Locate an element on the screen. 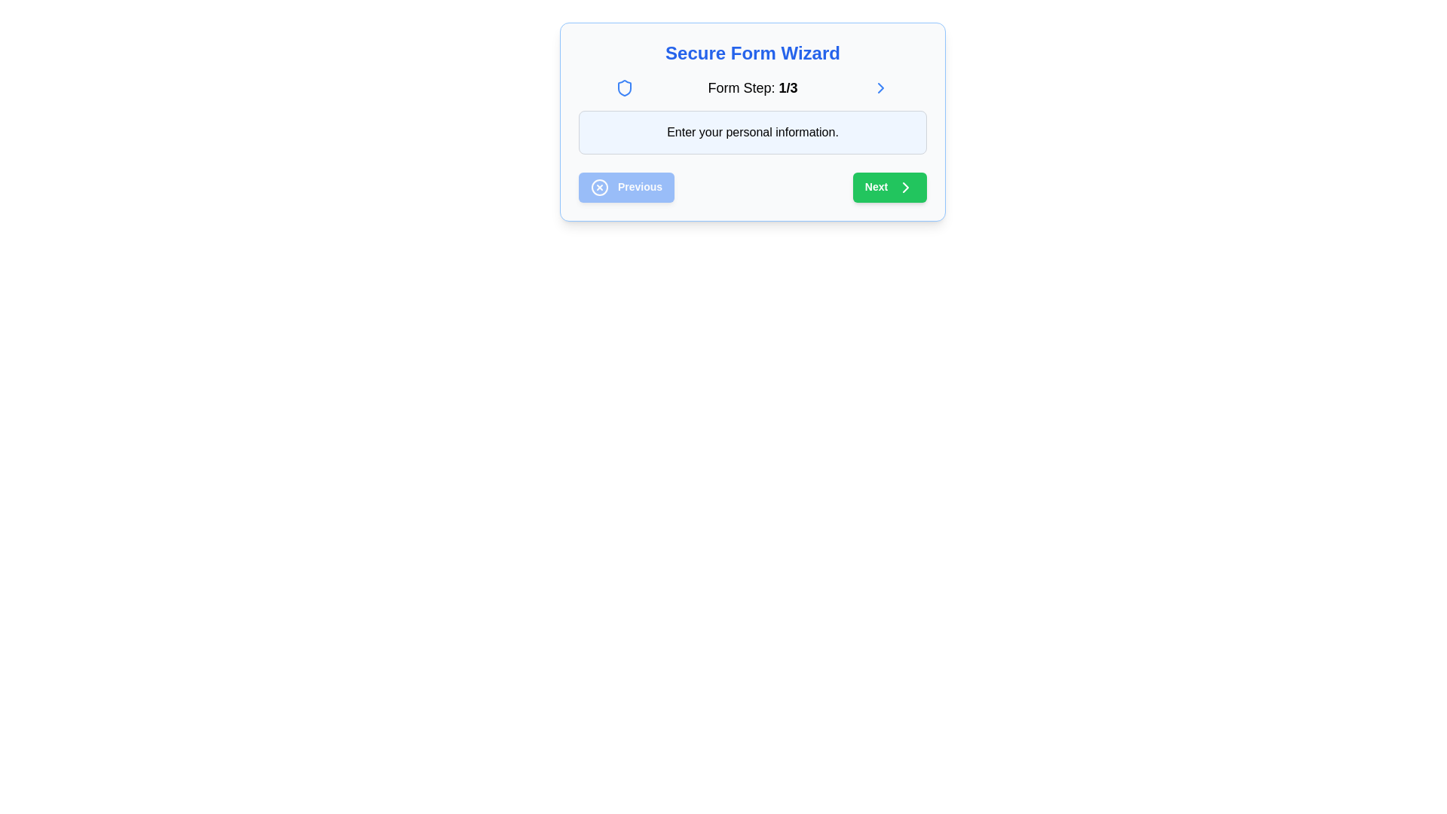  the chevron arrow icon that indicates forward navigation within the 'Next' button located at the bottom-right of the wizard card interface is located at coordinates (904, 187).